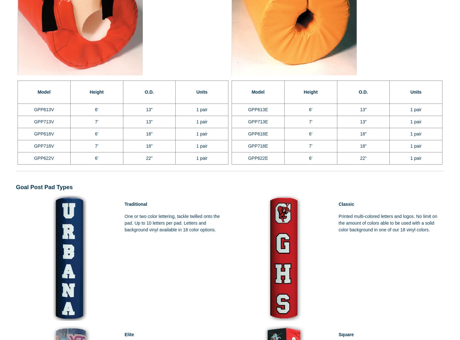 The width and height of the screenshot is (460, 340). What do you see at coordinates (43, 158) in the screenshot?
I see `'GPP622V'` at bounding box center [43, 158].